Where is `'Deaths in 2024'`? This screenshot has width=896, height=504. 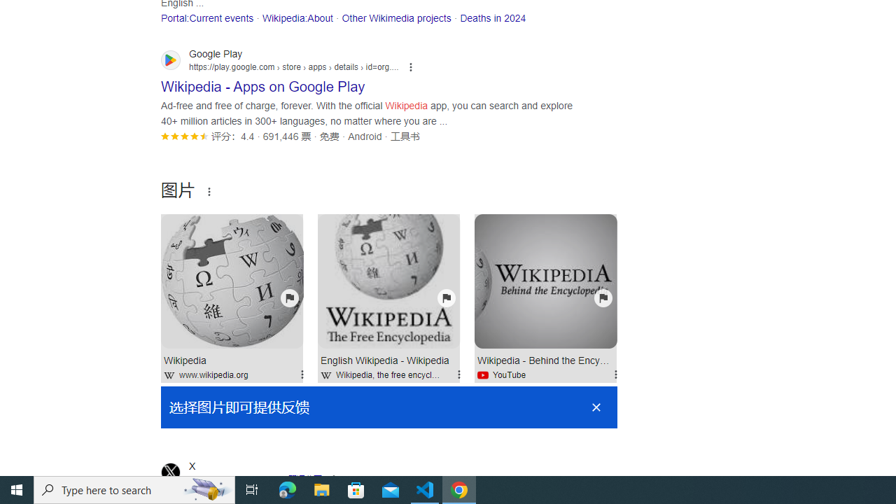 'Deaths in 2024' is located at coordinates (493, 17).